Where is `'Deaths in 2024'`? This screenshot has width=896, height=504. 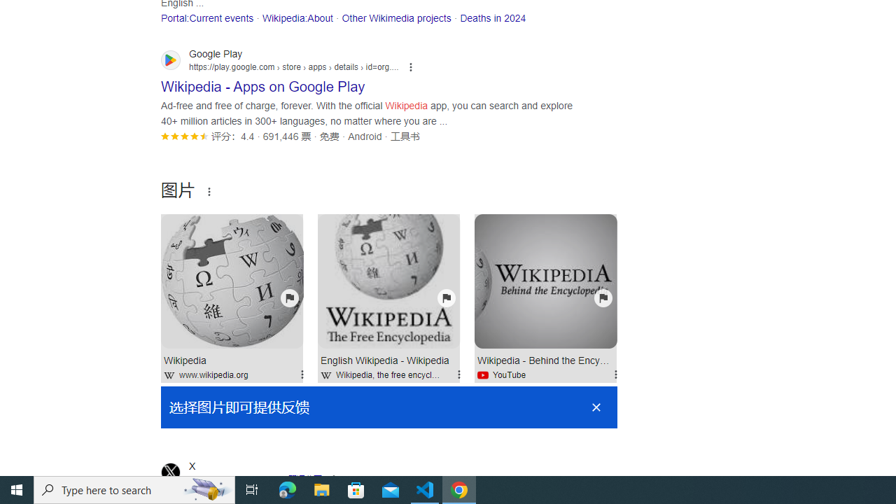 'Deaths in 2024' is located at coordinates (493, 17).